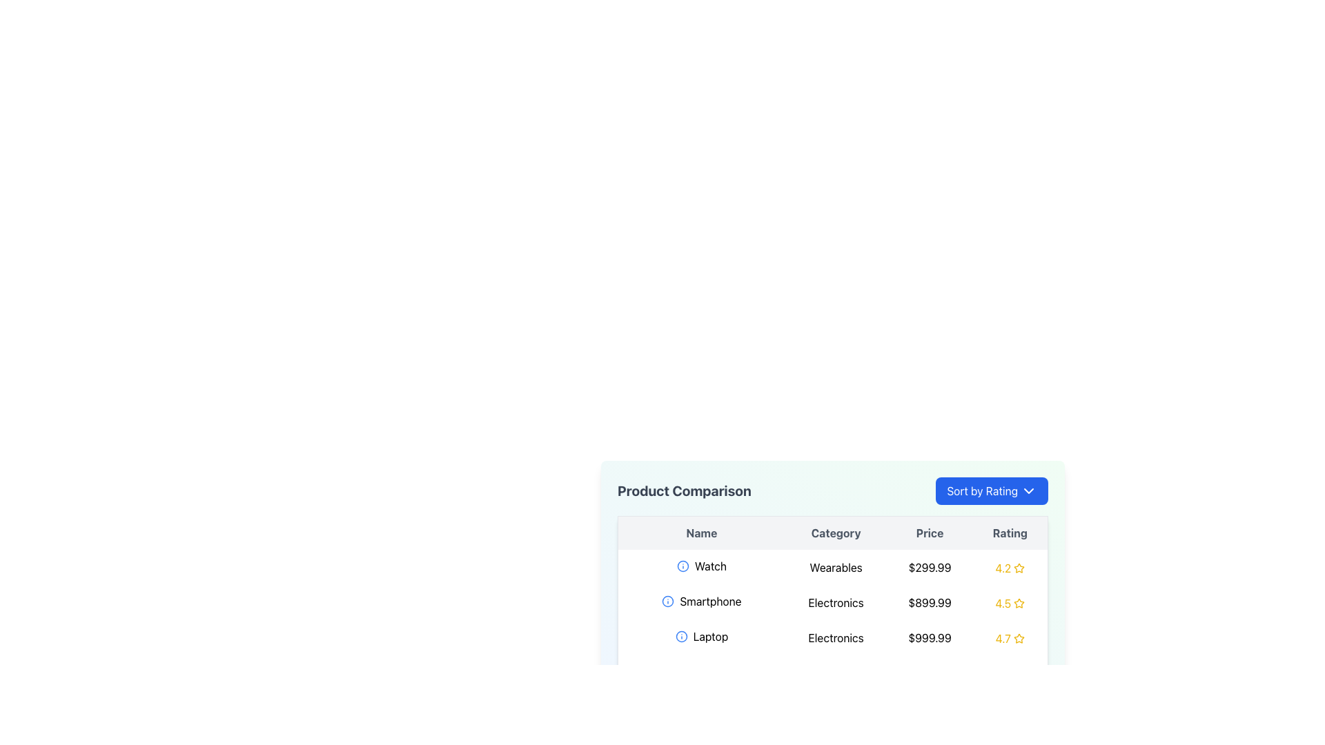 Image resolution: width=1325 pixels, height=745 pixels. I want to click on the 'Smartphone' Table Row to interact with elements like the rating or product name, so click(832, 601).